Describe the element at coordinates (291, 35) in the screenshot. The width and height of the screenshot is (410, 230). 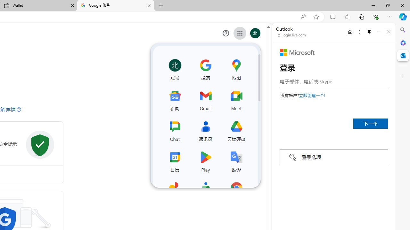
I see `'login.live.com'` at that location.